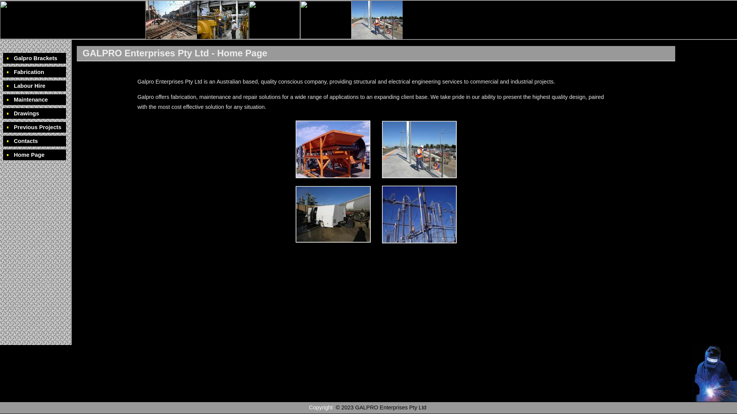  I want to click on 'Labour Hire', so click(34, 85).